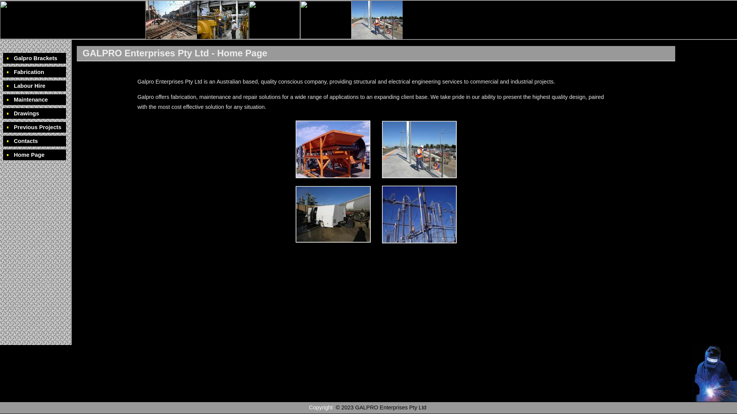  I want to click on 'Labour Hire', so click(34, 85).